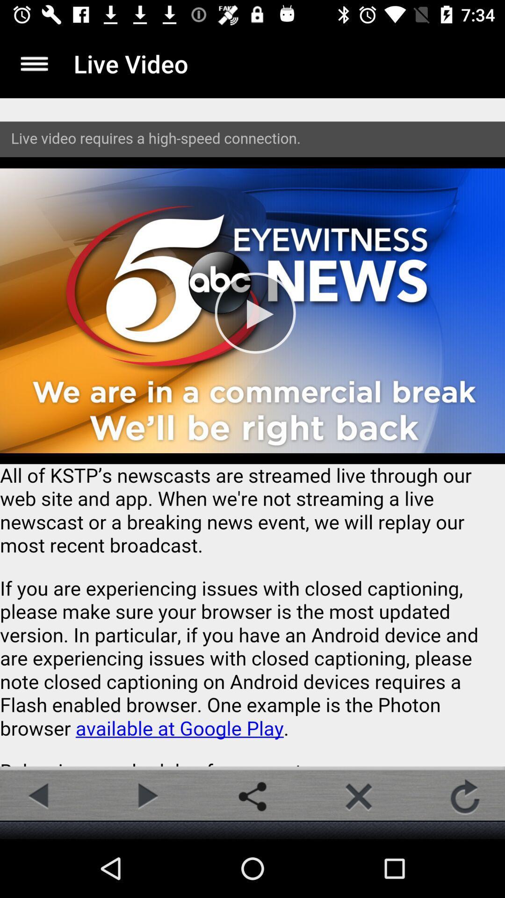 The width and height of the screenshot is (505, 898). Describe the element at coordinates (465, 796) in the screenshot. I see `the refresh icon` at that location.